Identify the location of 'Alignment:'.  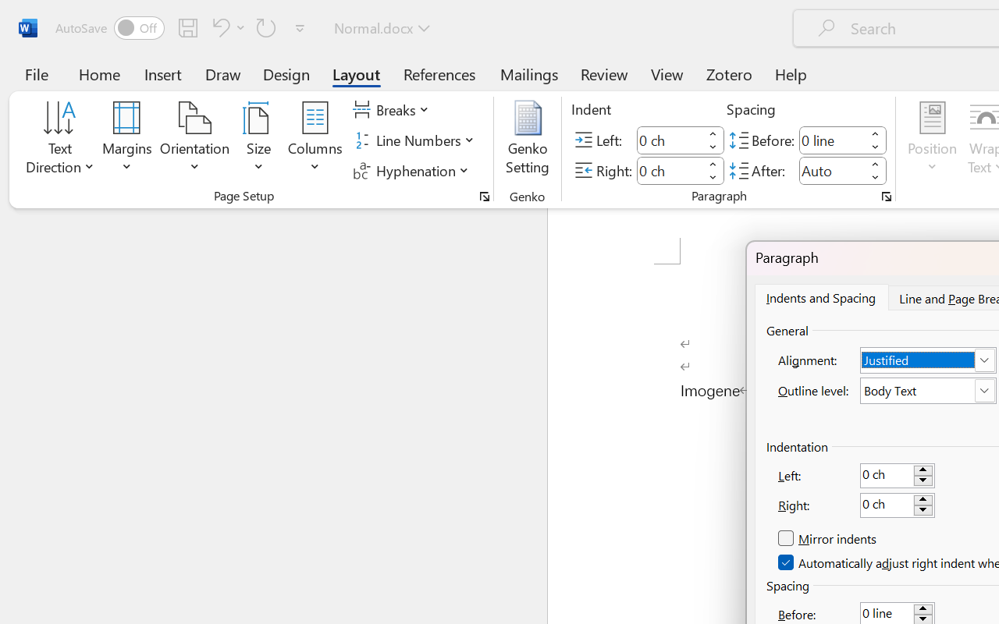
(928, 360).